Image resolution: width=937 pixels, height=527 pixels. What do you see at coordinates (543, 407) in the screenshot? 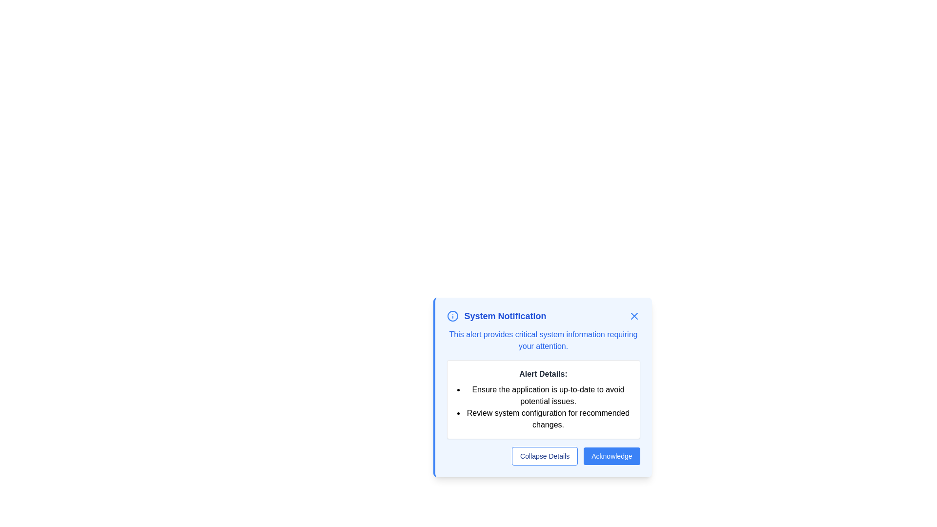
I see `the list element that provides instructions or recommendations regarding system updates and configuration, located in the middle of the 'Alert Details' section of the dialog box` at bounding box center [543, 407].